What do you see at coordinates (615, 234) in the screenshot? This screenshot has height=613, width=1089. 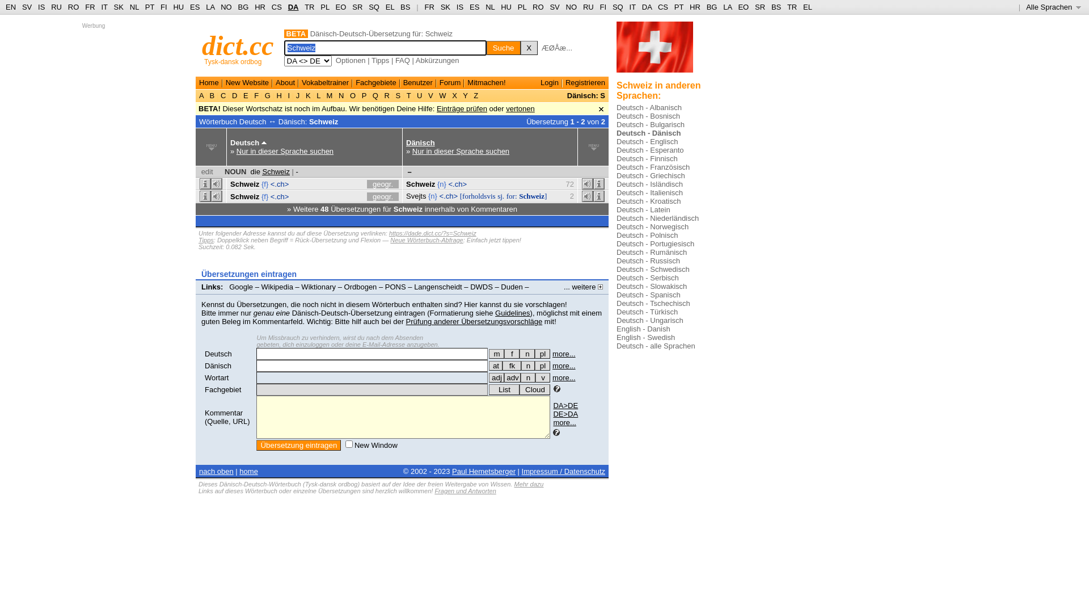 I see `'Deutsch - Polnisch'` at bounding box center [615, 234].